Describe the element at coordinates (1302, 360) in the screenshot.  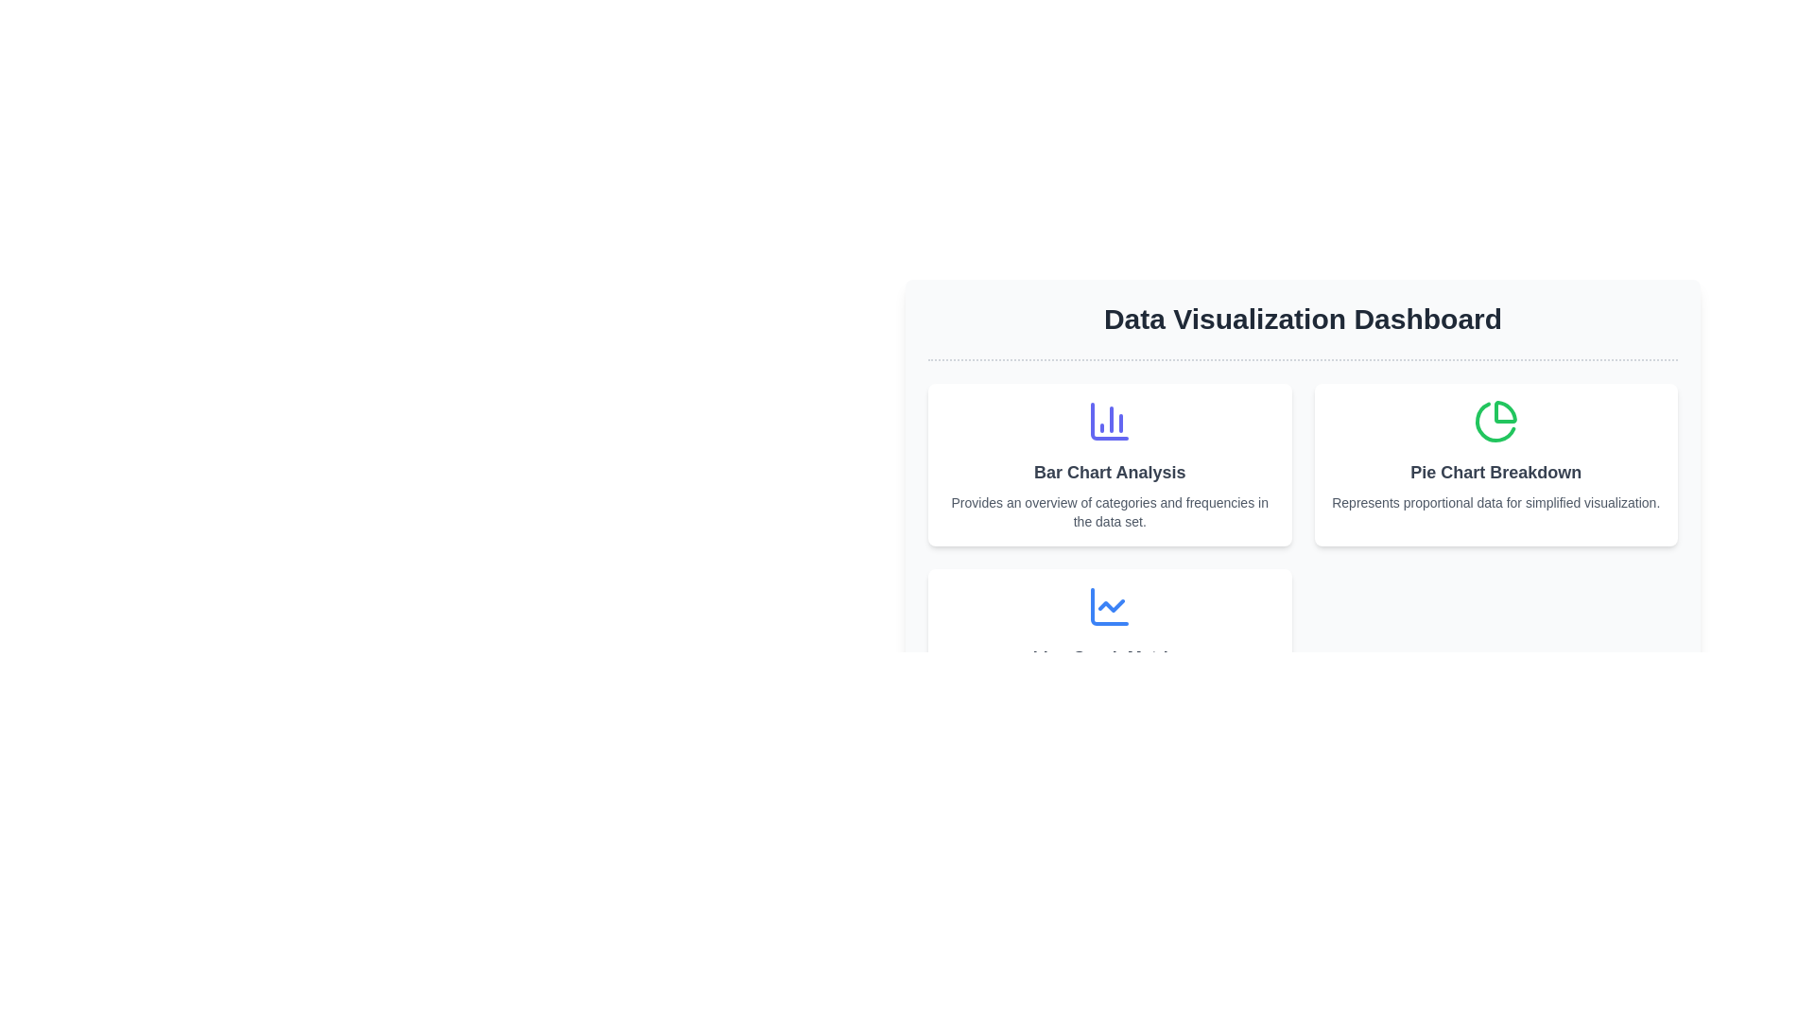
I see `the Separator Line located beneath the title 'Data Visualization Dashboard', which improves readability and visual structure` at that location.